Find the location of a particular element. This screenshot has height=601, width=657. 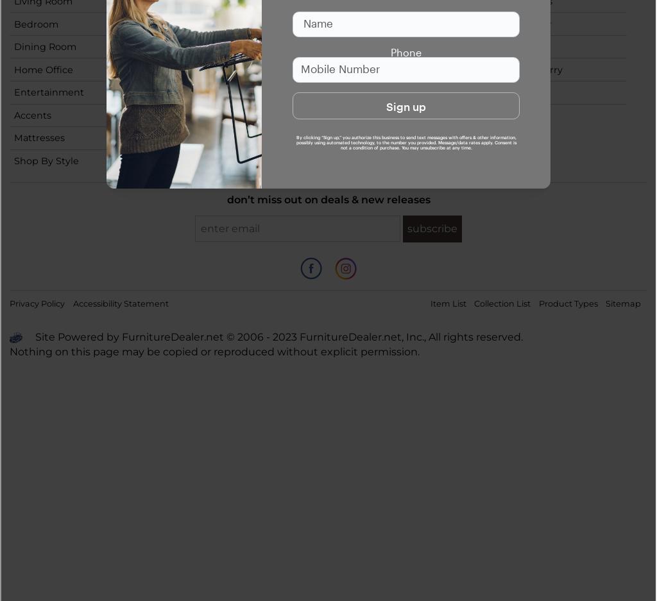

'Mattresses' is located at coordinates (38, 138).